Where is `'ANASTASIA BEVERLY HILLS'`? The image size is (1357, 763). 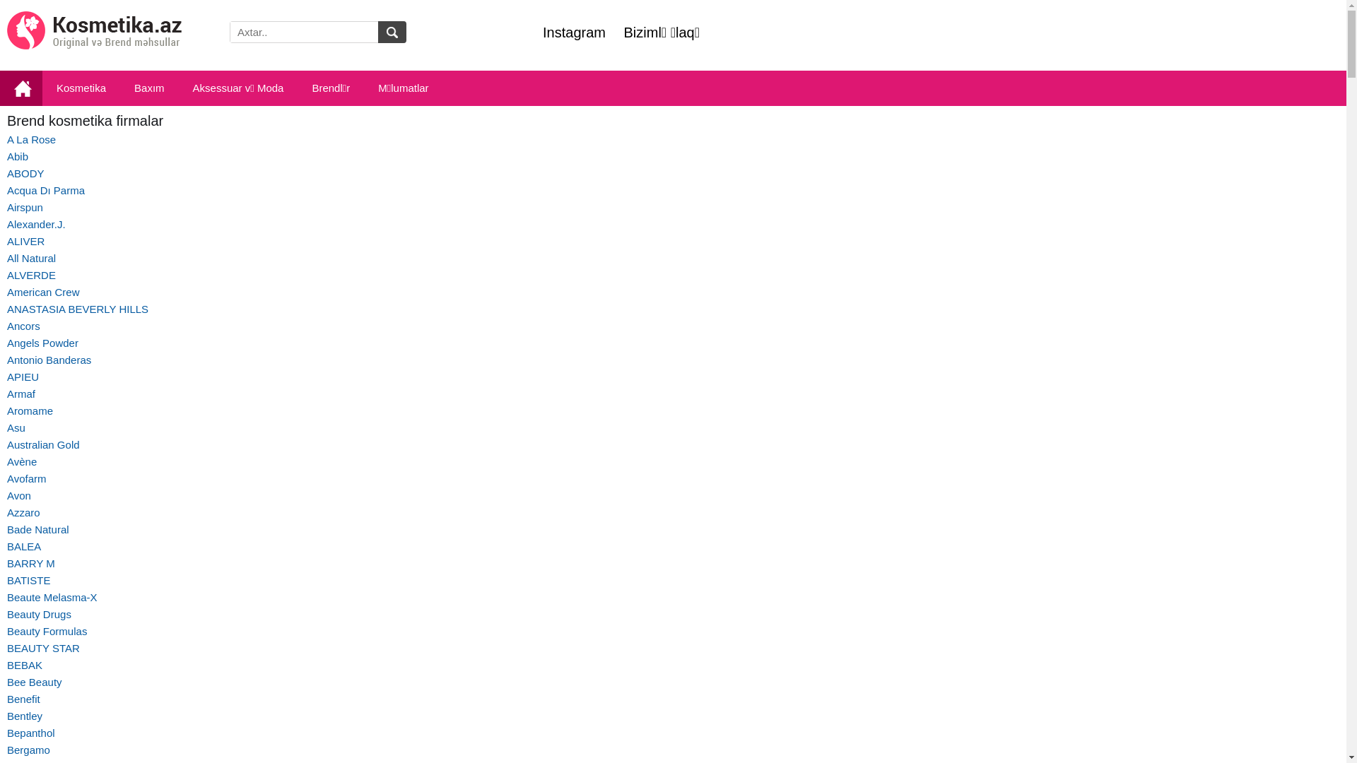
'ANASTASIA BEVERLY HILLS' is located at coordinates (77, 308).